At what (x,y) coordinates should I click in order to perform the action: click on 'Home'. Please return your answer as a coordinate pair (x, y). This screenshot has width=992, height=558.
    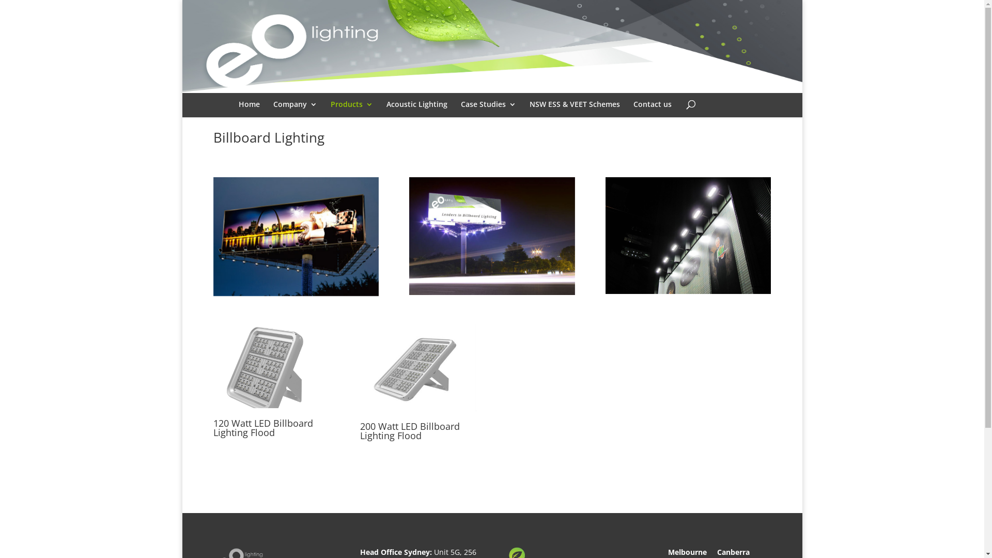
    Looking at the image, I should click on (249, 112).